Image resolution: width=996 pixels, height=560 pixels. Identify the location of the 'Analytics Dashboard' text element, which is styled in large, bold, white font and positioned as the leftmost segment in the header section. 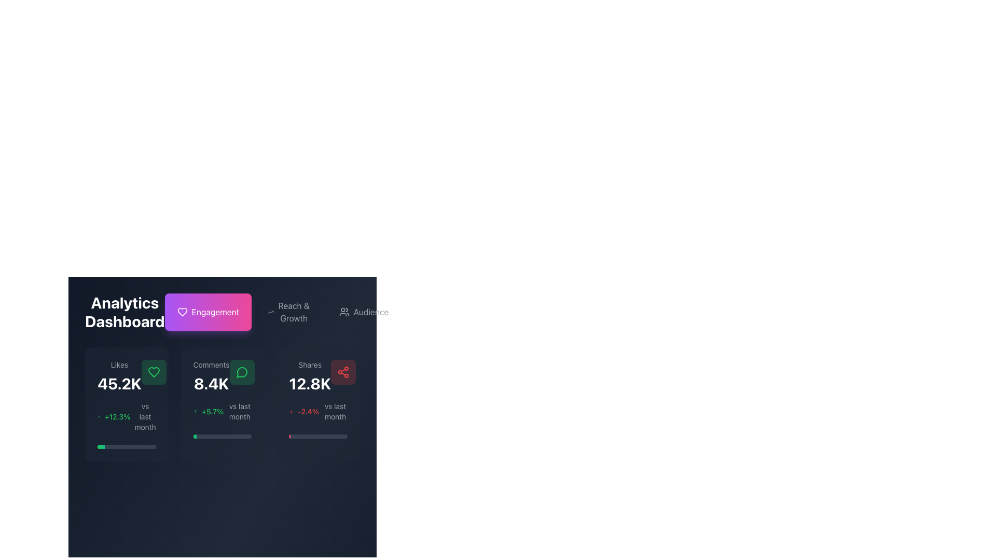
(125, 311).